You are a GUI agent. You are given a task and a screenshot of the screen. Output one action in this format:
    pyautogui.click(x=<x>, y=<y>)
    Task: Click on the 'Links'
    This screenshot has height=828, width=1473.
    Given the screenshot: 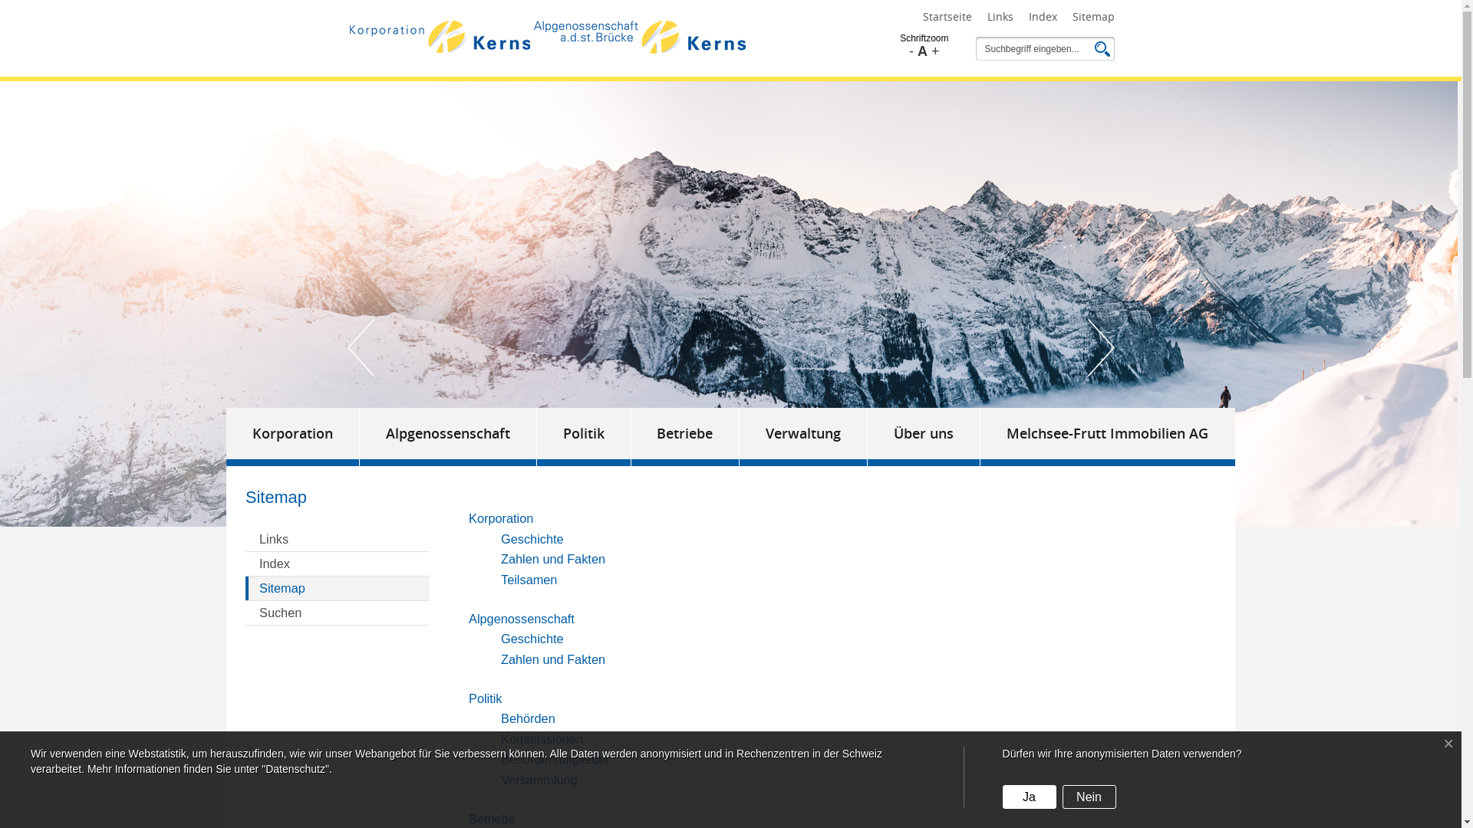 What is the action you would take?
    pyautogui.click(x=337, y=539)
    